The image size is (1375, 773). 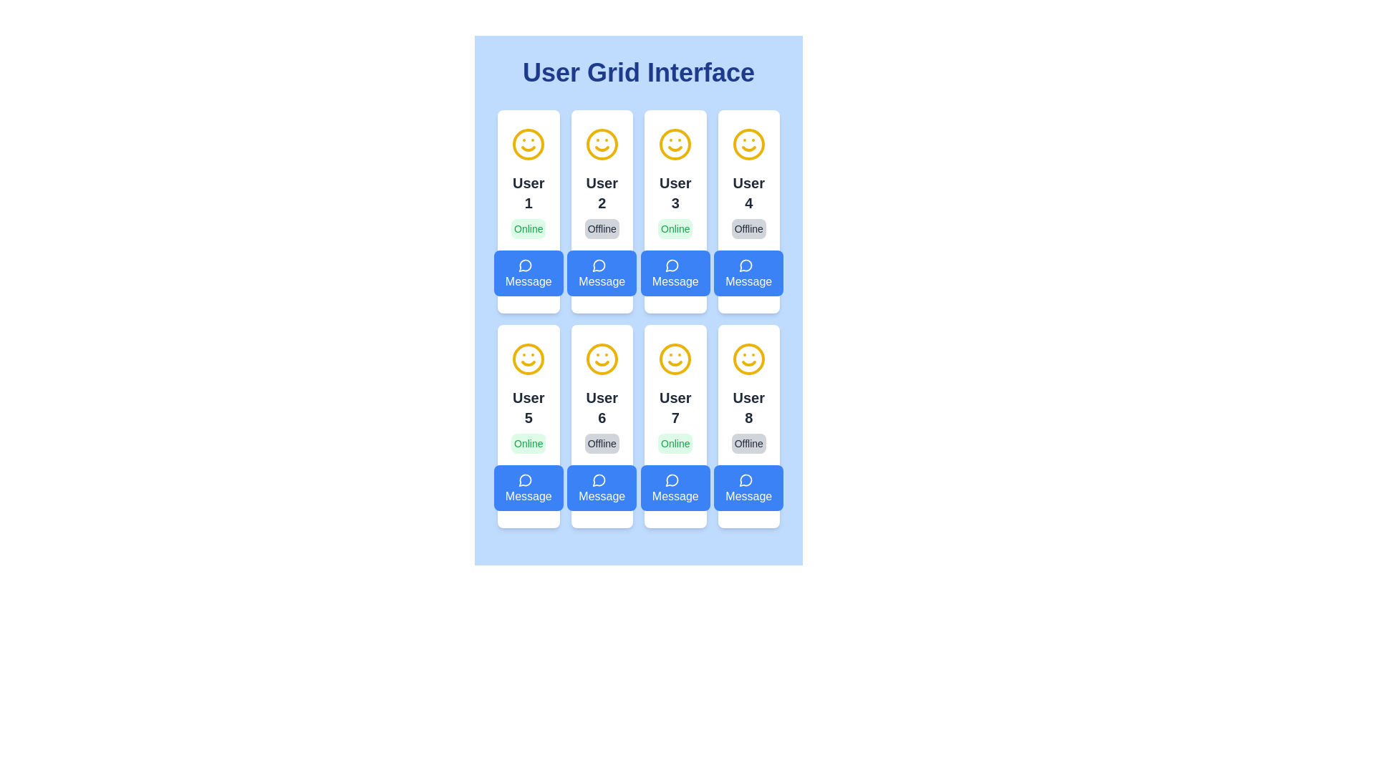 What do you see at coordinates (528, 144) in the screenshot?
I see `the SVG circle element that forms the outer structure of the smiley face icon located in the top section of the card labeled 'User 1', within the first column and first row of the grid layout` at bounding box center [528, 144].